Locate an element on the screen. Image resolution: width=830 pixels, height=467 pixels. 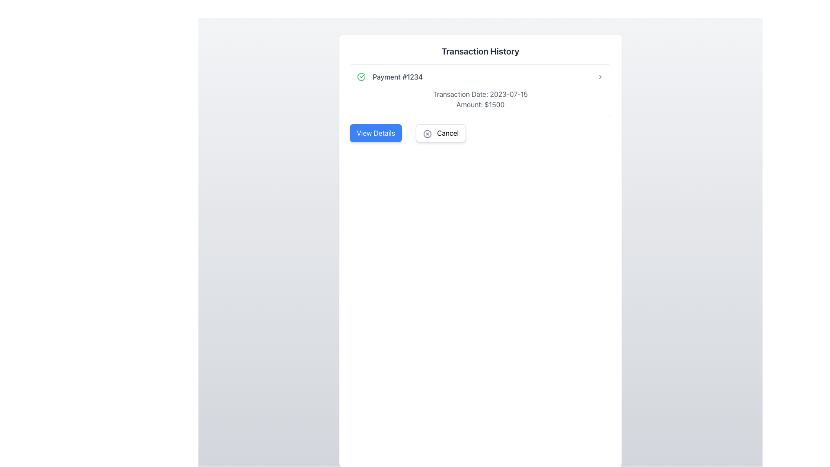
information presented in the transaction history header, which is a centered text label at the top of the transaction details section is located at coordinates (480, 51).